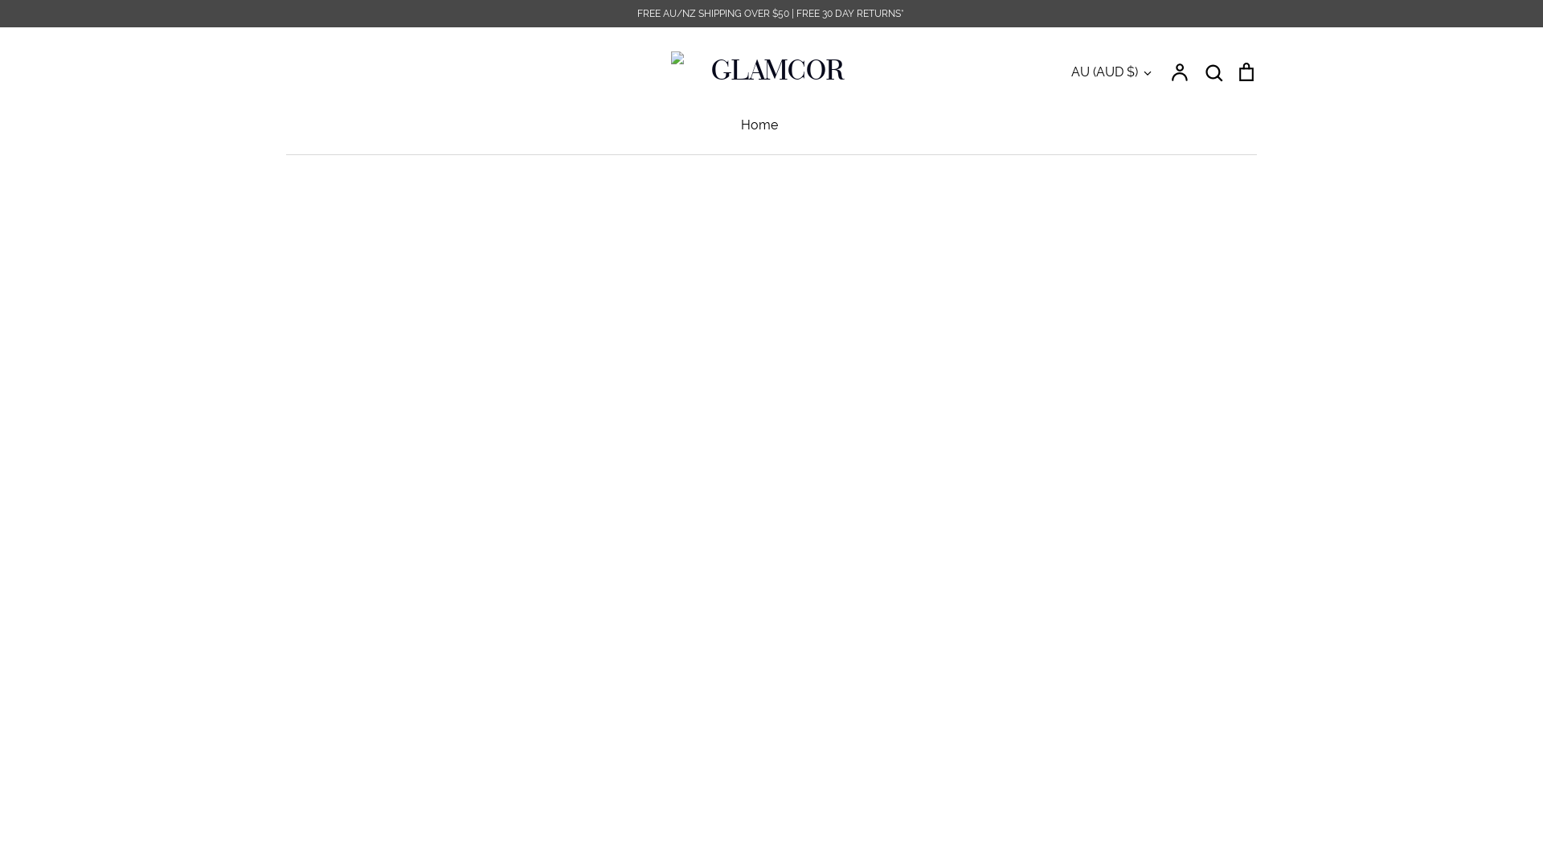 This screenshot has width=1543, height=868. Describe the element at coordinates (759, 124) in the screenshot. I see `'Home'` at that location.